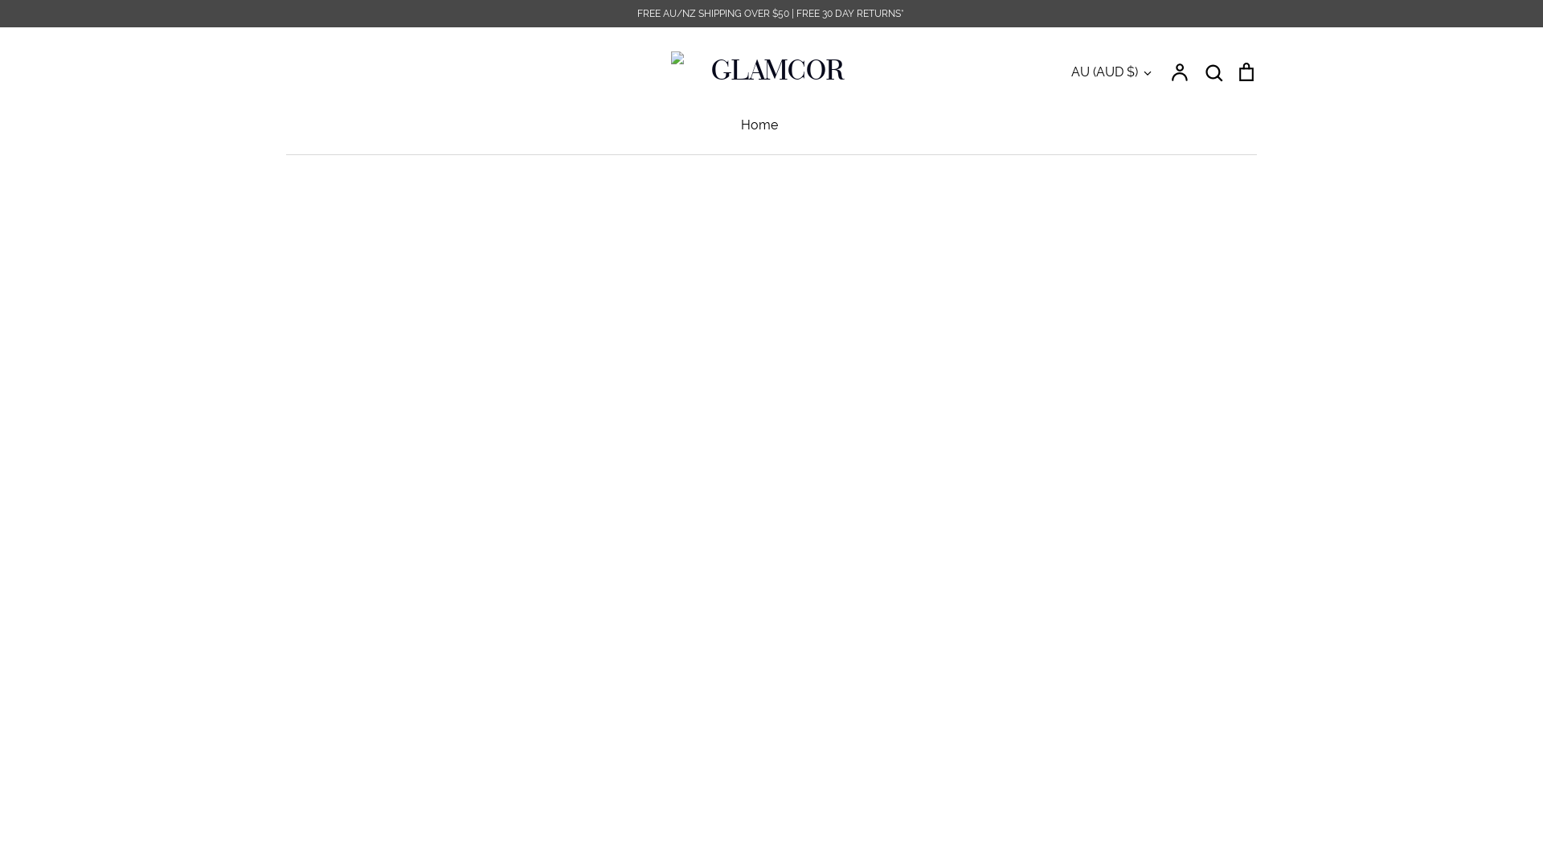 This screenshot has width=1543, height=868. Describe the element at coordinates (759, 124) in the screenshot. I see `'Home'` at that location.